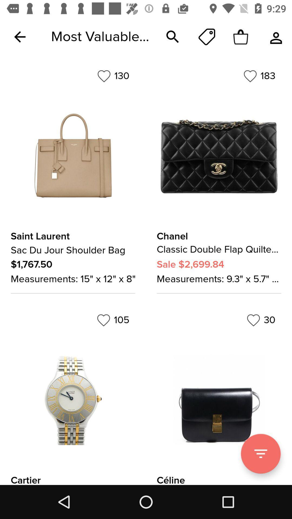 The width and height of the screenshot is (292, 519). I want to click on the icon to the right of the 105 item, so click(261, 320).